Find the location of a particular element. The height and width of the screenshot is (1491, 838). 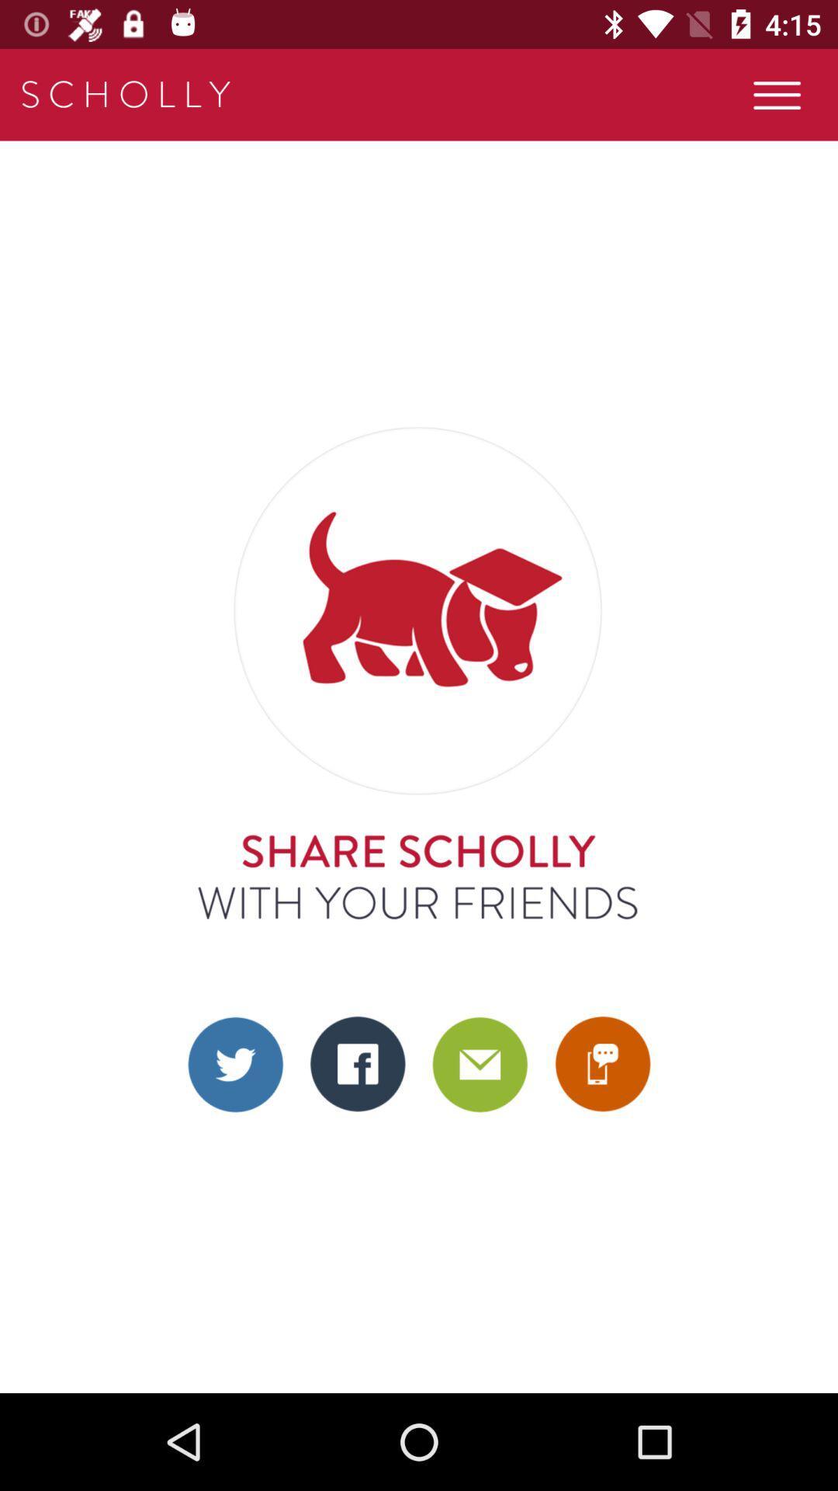

the chat icon is located at coordinates (601, 1063).